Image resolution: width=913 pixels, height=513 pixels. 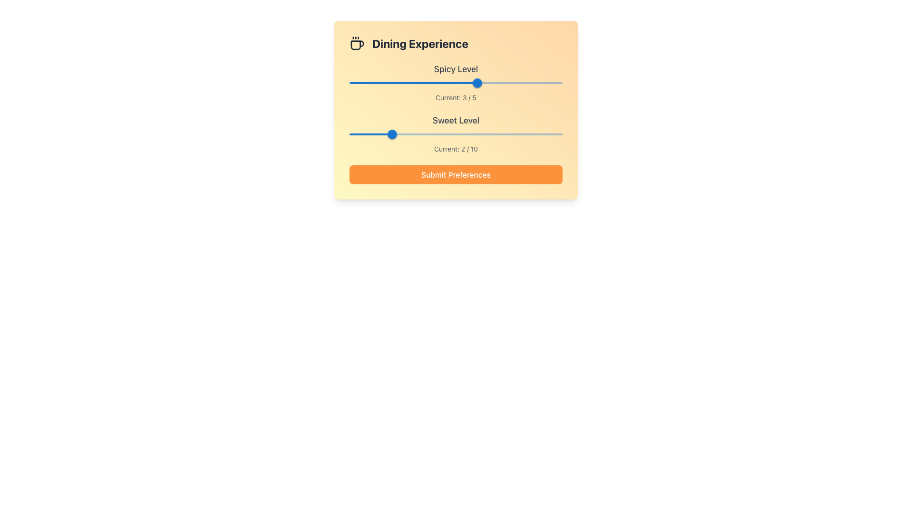 What do you see at coordinates (456, 109) in the screenshot?
I see `the submit button located at the bottom of the preference card for selecting levels for 'Spicy Level' and 'Sweet Level'` at bounding box center [456, 109].